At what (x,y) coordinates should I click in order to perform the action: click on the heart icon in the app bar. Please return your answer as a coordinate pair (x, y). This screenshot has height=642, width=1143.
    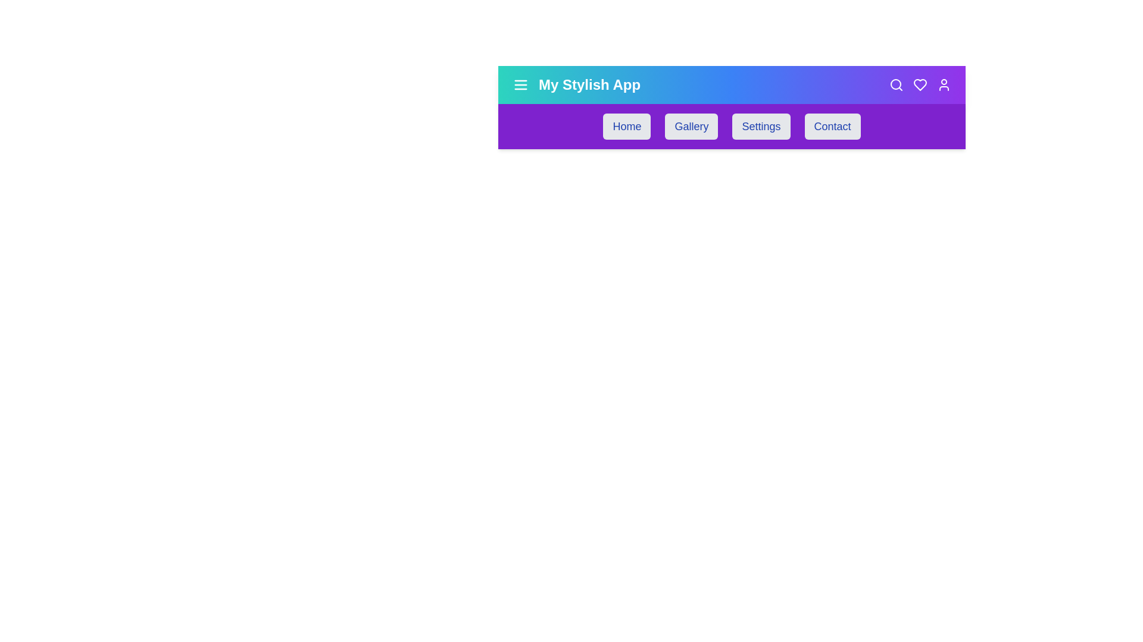
    Looking at the image, I should click on (919, 84).